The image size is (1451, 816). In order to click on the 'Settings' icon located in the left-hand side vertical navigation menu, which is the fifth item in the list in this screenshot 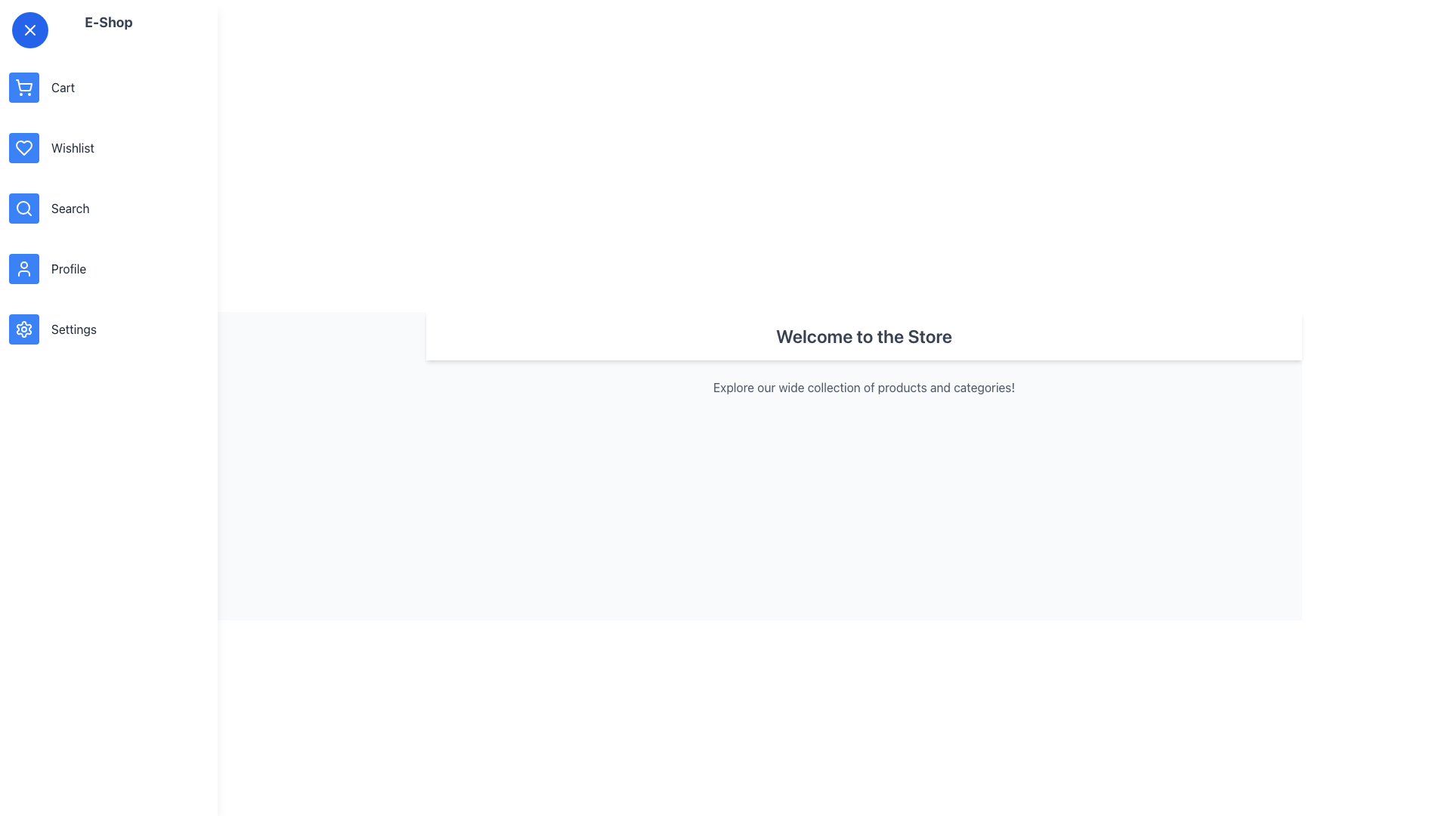, I will do `click(24, 328)`.